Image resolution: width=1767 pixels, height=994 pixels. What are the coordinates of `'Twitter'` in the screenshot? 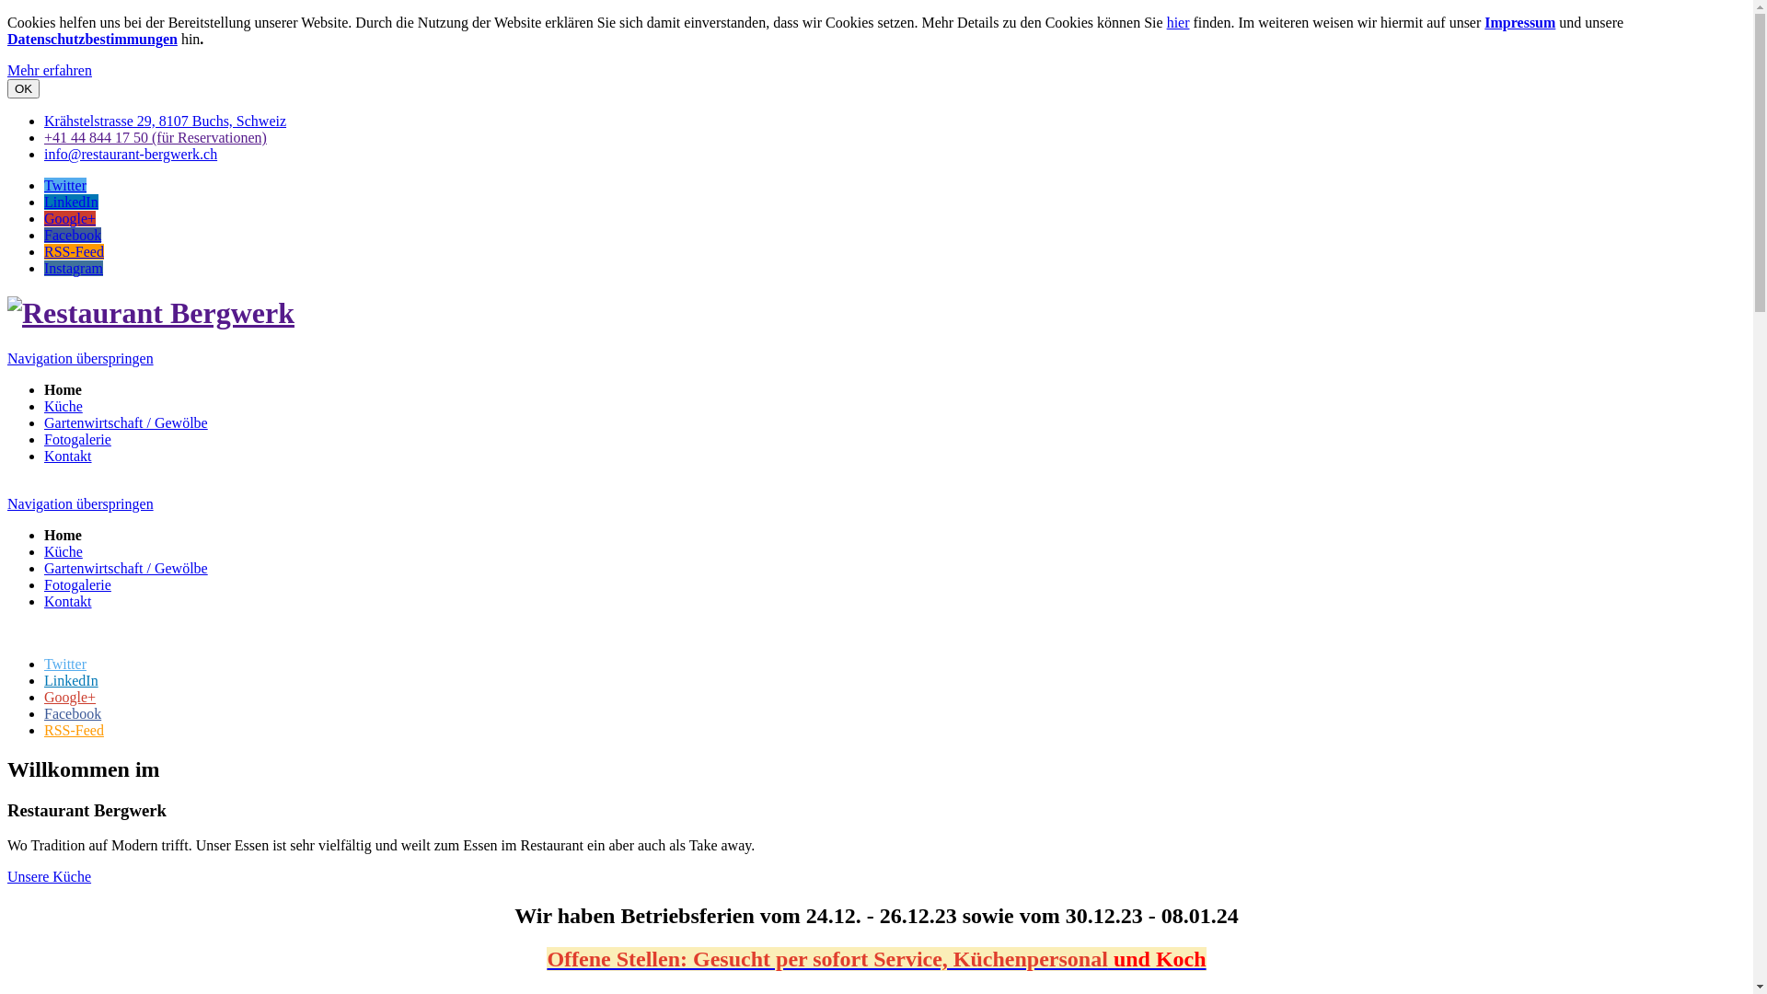 It's located at (44, 664).